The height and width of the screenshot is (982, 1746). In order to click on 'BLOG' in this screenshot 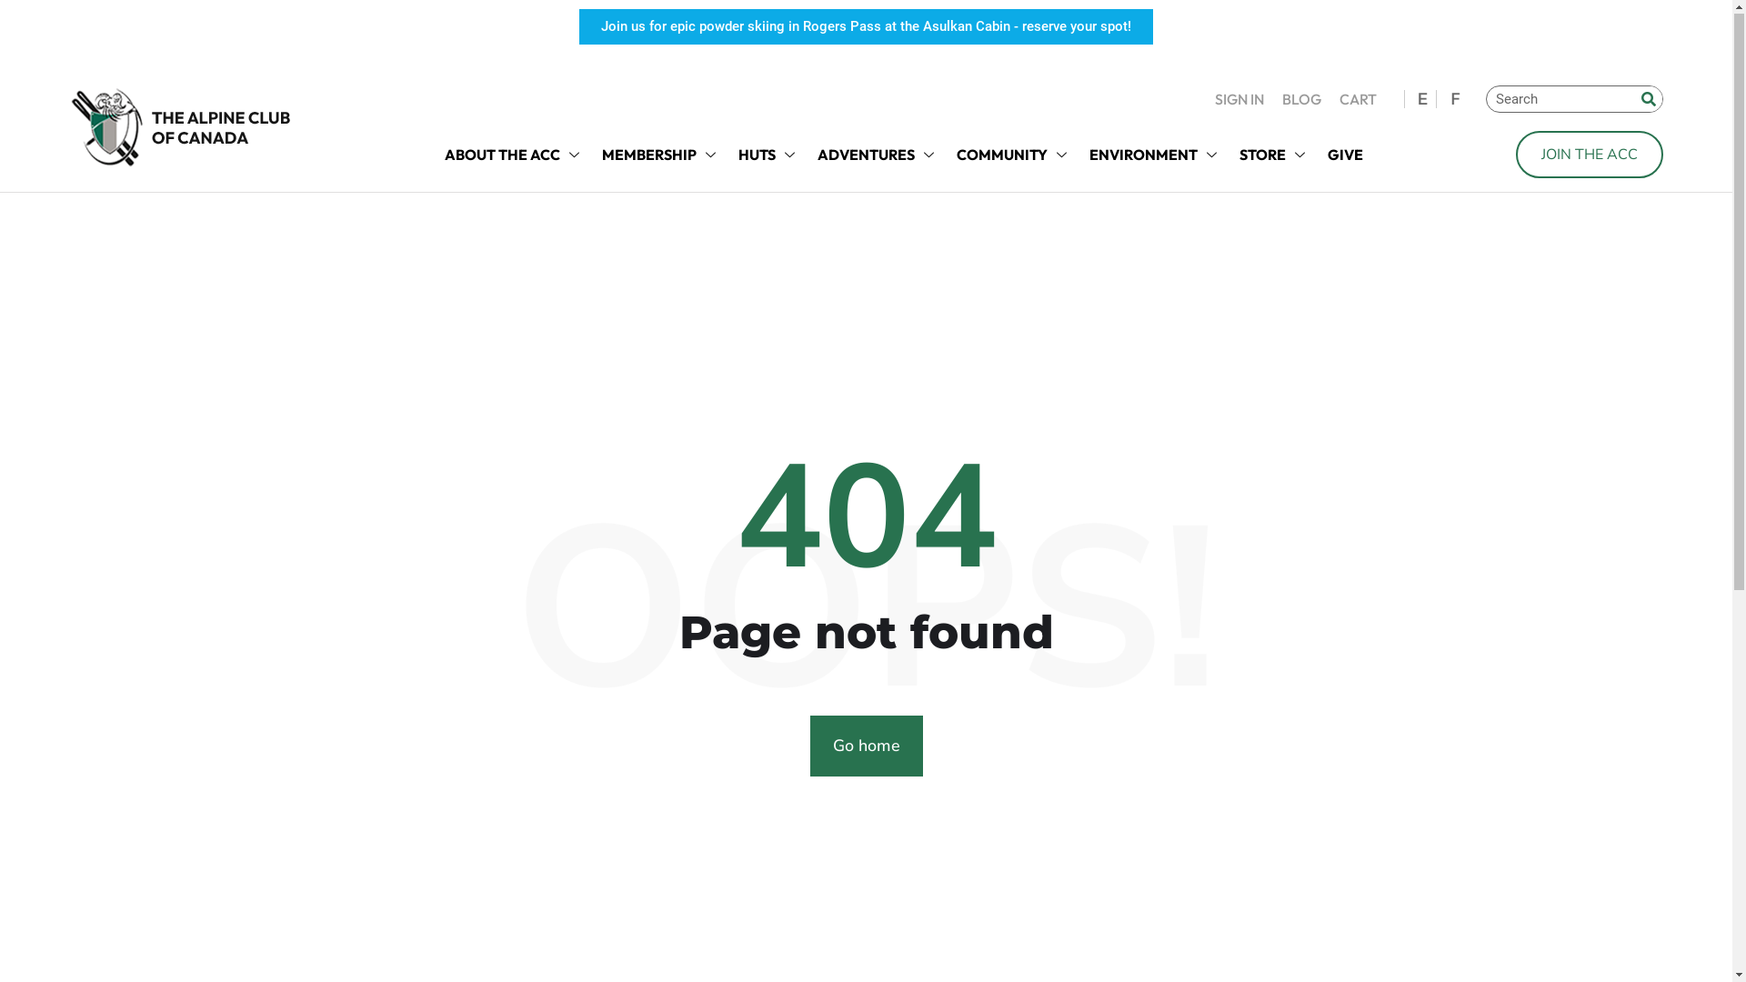, I will do `click(1300, 100)`.